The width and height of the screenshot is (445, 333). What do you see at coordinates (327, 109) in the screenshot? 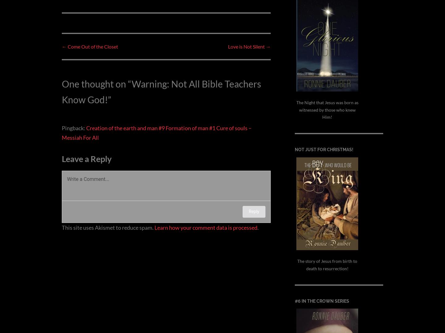
I see `'The Night that Jesus was born as witnessed by those who knew Him!'` at bounding box center [327, 109].